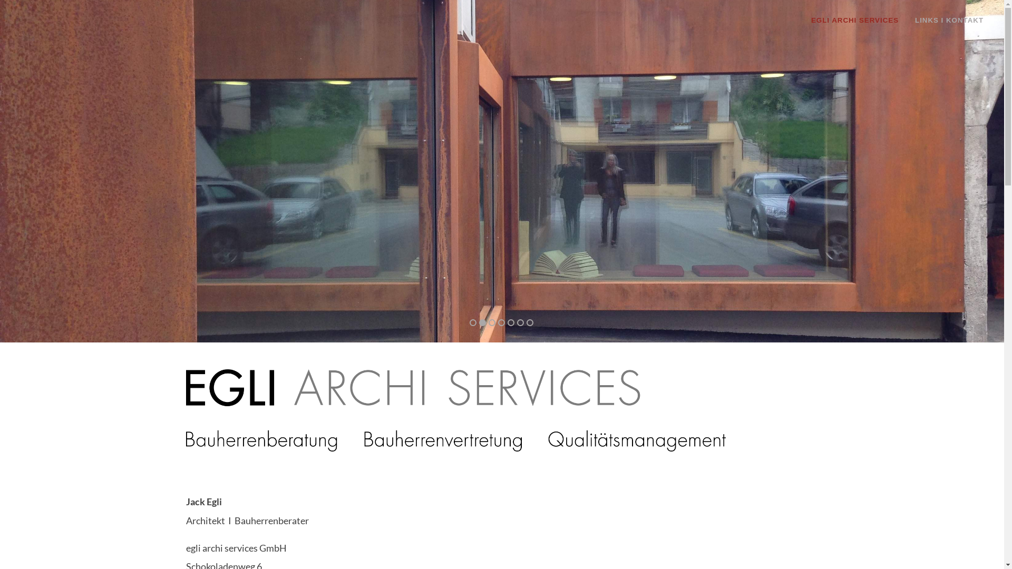  Describe the element at coordinates (530, 322) in the screenshot. I see `'7'` at that location.